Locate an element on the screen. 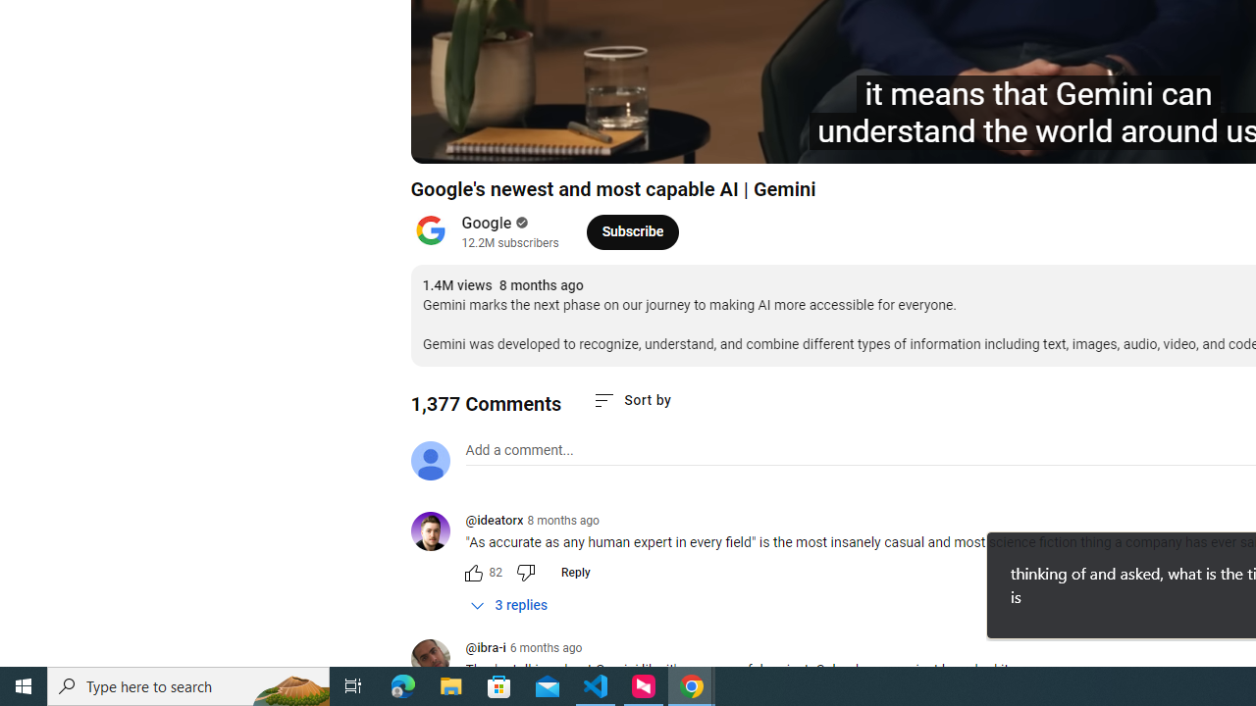 This screenshot has width=1256, height=706. '@ibra-i' is located at coordinates (437, 660).